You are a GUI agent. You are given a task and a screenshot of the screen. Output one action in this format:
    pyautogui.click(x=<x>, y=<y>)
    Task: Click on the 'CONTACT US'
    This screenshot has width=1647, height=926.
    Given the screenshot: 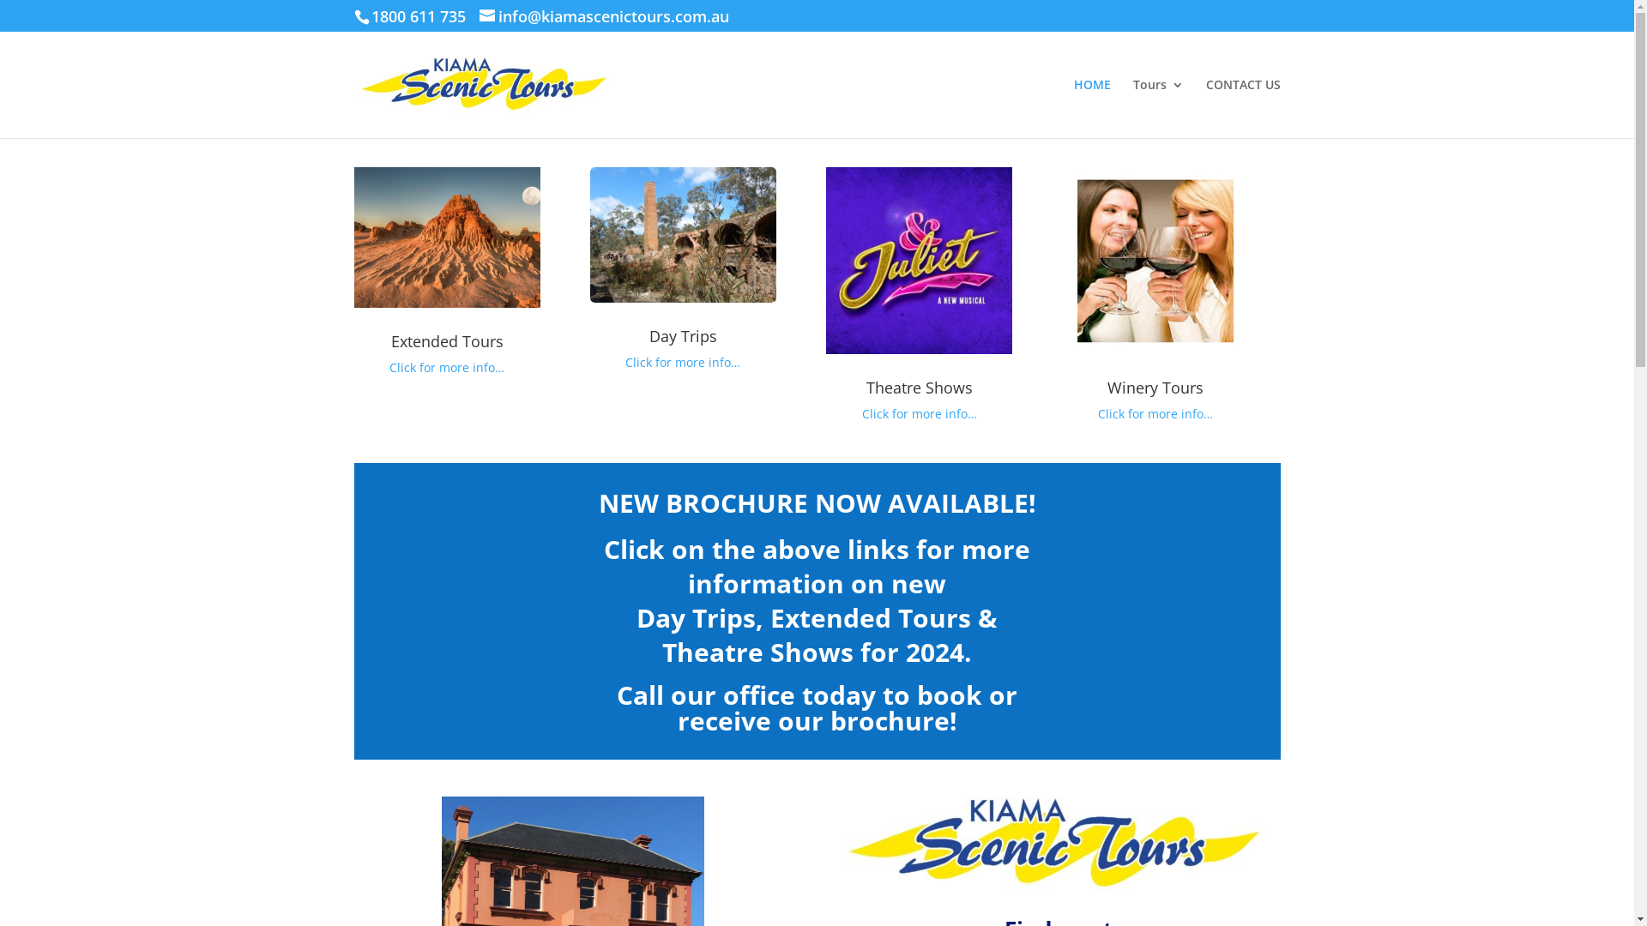 What is the action you would take?
    pyautogui.click(x=1243, y=108)
    